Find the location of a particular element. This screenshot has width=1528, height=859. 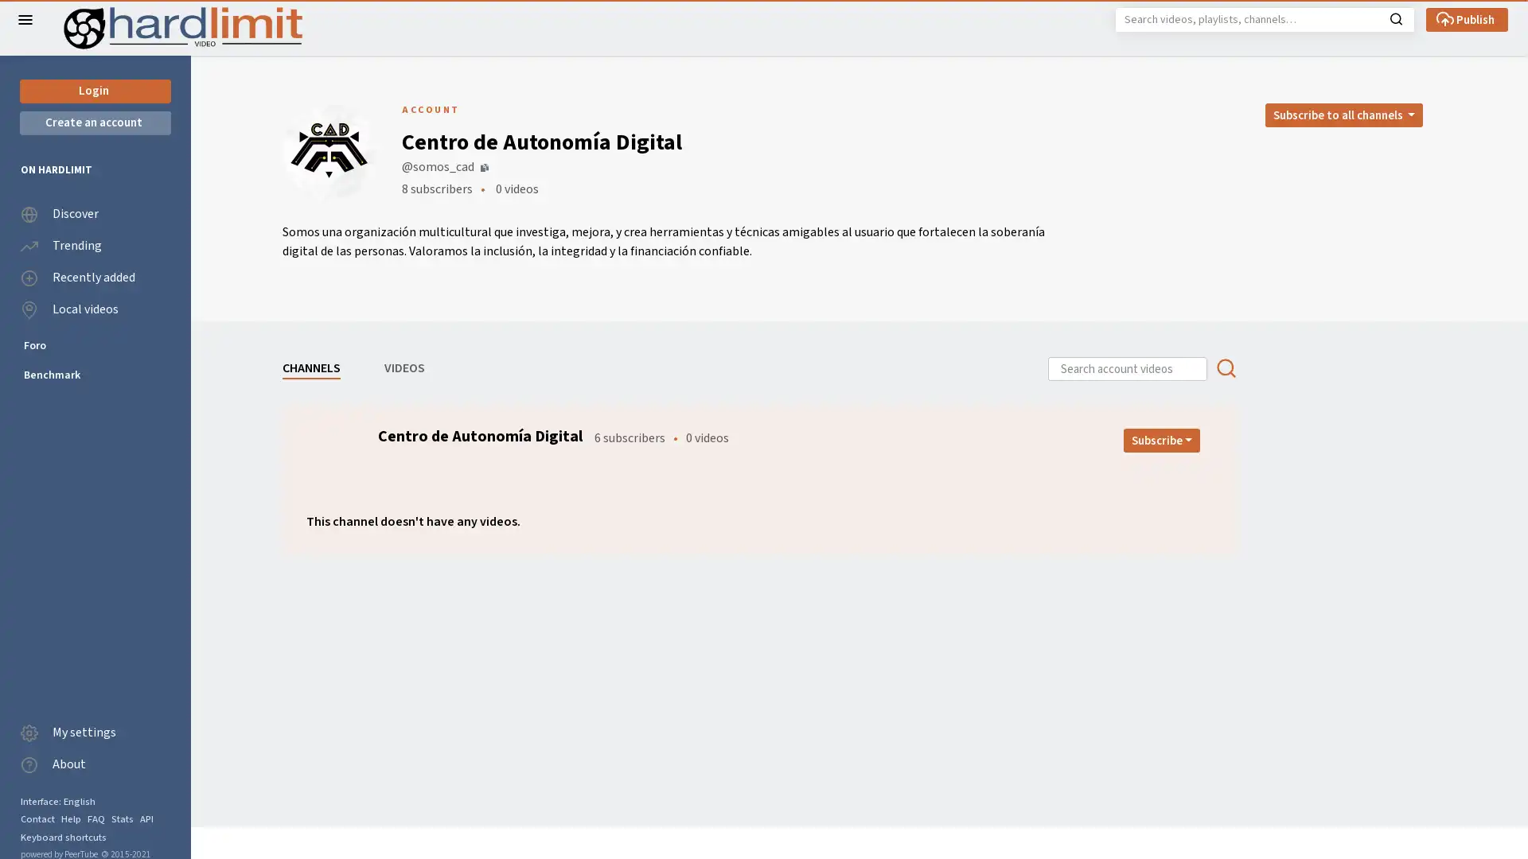

Search is located at coordinates (1225, 367).